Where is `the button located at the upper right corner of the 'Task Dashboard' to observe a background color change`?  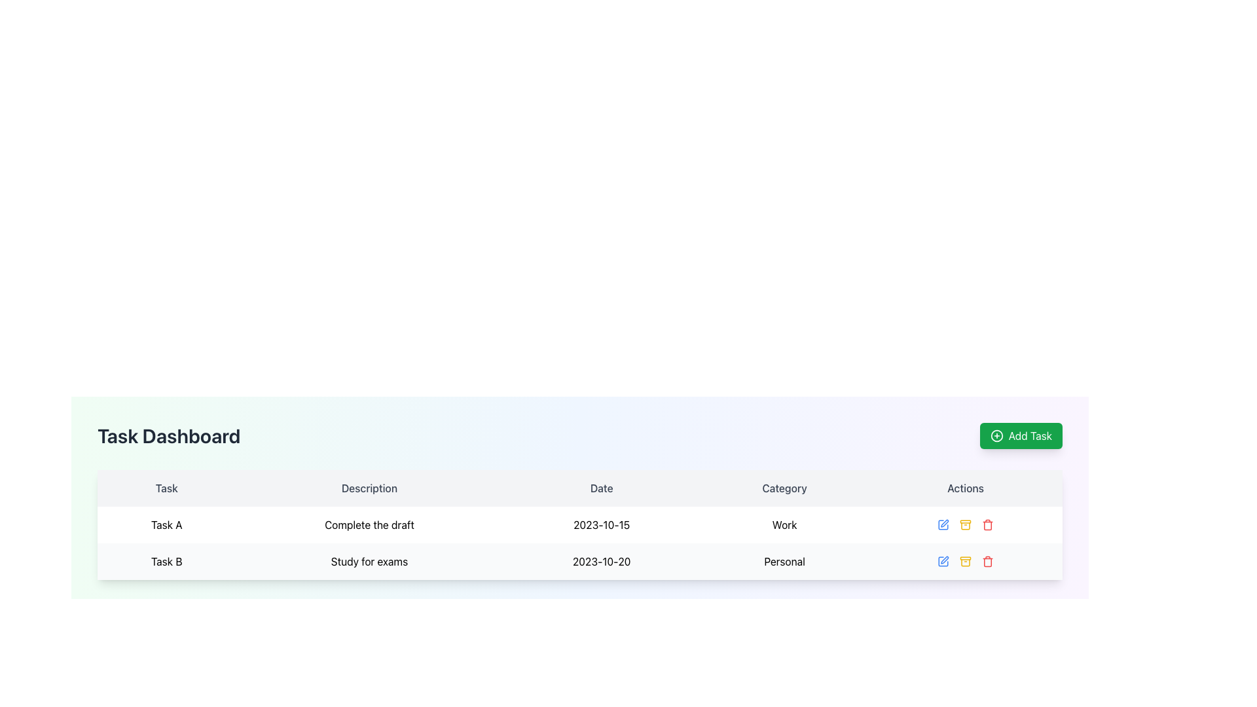 the button located at the upper right corner of the 'Task Dashboard' to observe a background color change is located at coordinates (1020, 436).